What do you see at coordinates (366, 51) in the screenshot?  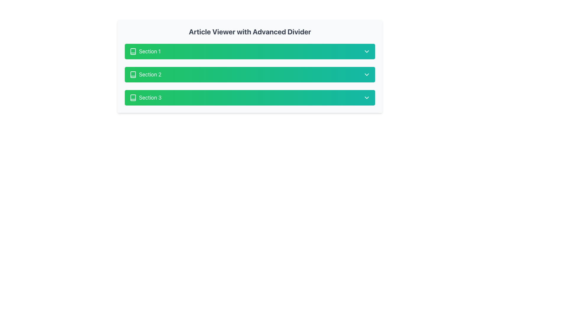 I see `the Chevron Down icon located at the far right of the 'Section 1' button, which indicates the collapsible nature of this section` at bounding box center [366, 51].